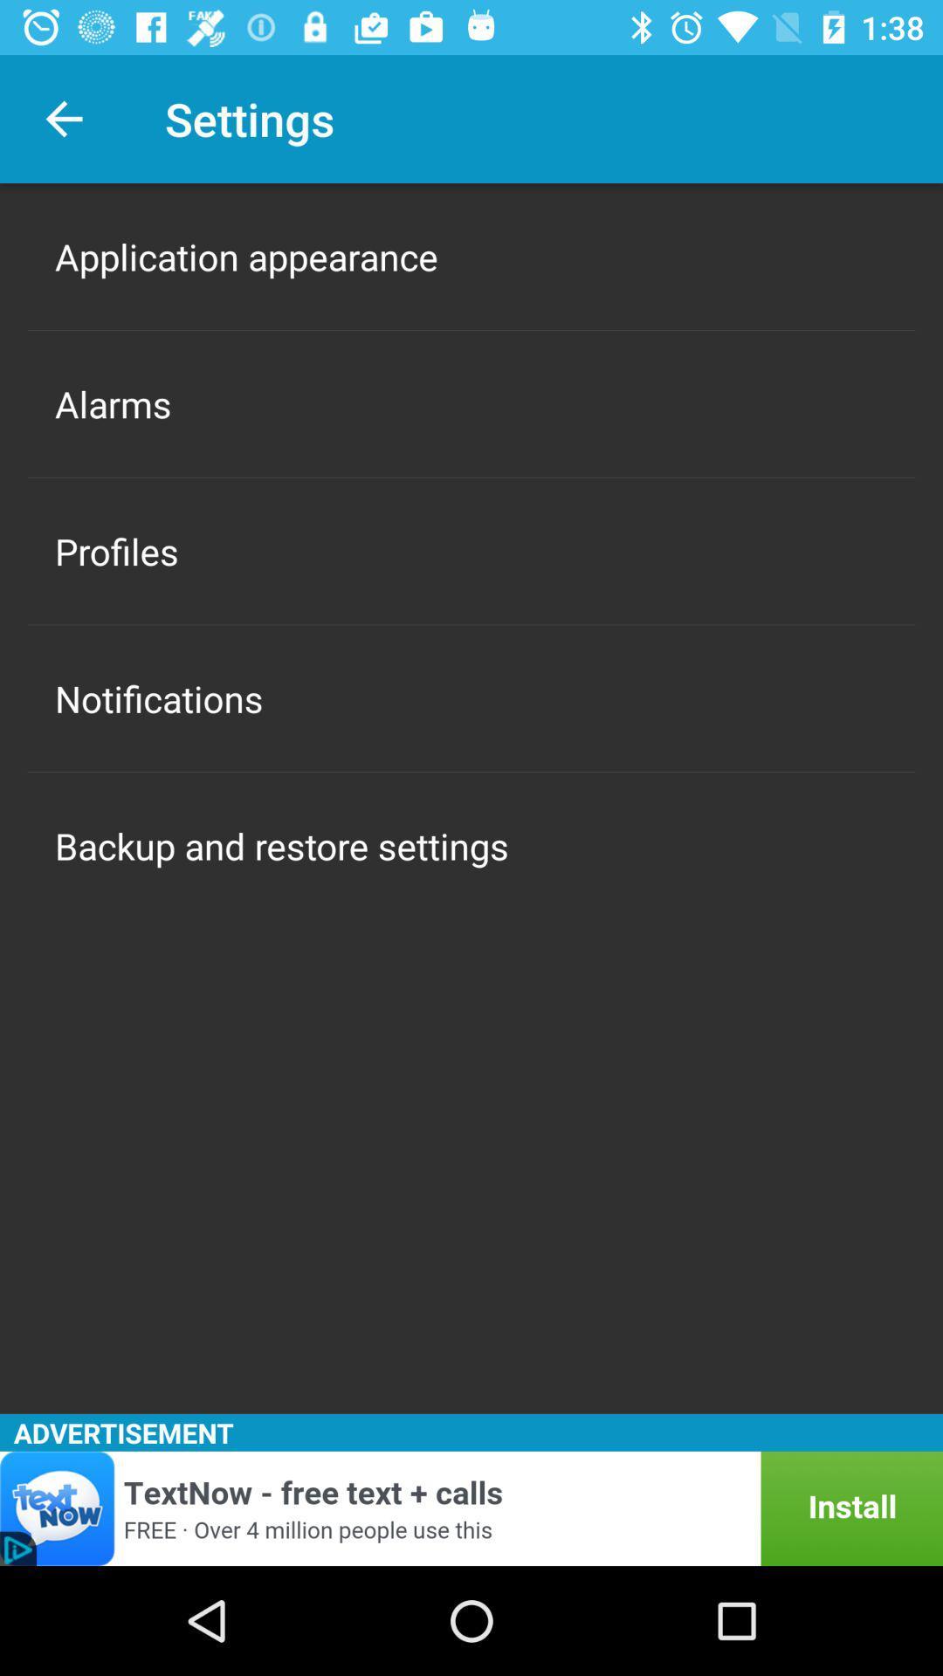 This screenshot has height=1676, width=943. What do you see at coordinates (63, 118) in the screenshot?
I see `the icon above the application appearance icon` at bounding box center [63, 118].